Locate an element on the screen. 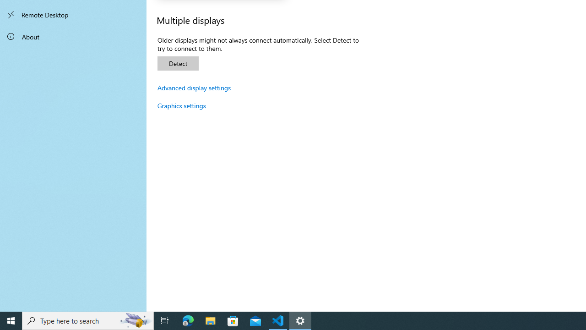  'Remote Desktop' is located at coordinates (73, 15).